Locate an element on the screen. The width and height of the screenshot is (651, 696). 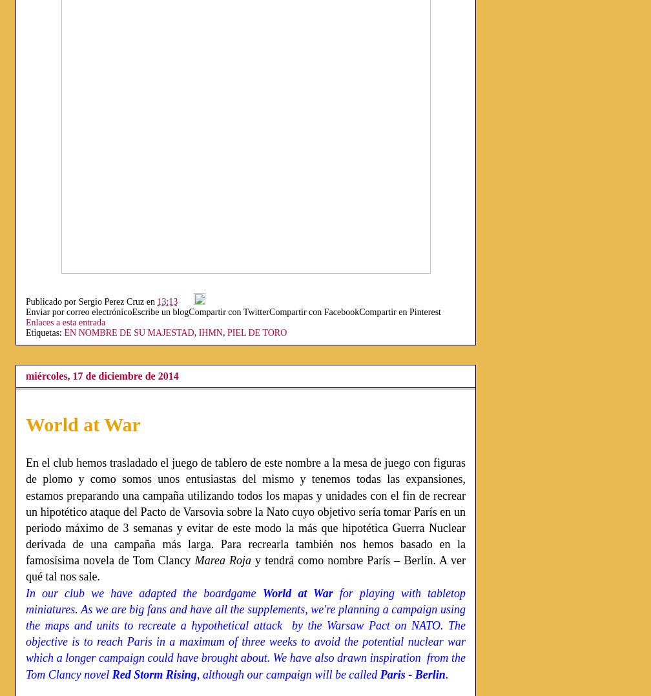
'PIEL DE TORO' is located at coordinates (226, 333).